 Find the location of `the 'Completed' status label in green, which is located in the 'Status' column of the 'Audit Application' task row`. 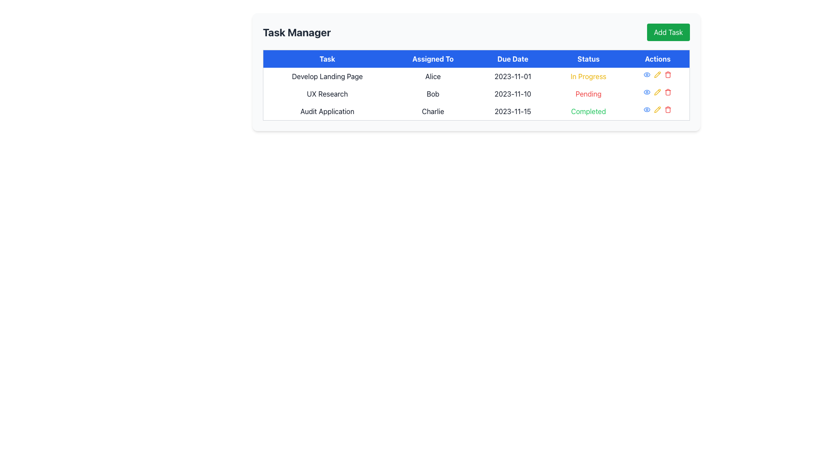

the 'Completed' status label in green, which is located in the 'Status' column of the 'Audit Application' task row is located at coordinates (588, 111).